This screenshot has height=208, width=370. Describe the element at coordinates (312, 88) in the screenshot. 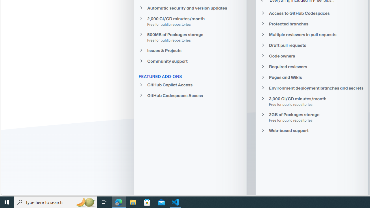

I see `'Environment deployment branches and secrets'` at that location.